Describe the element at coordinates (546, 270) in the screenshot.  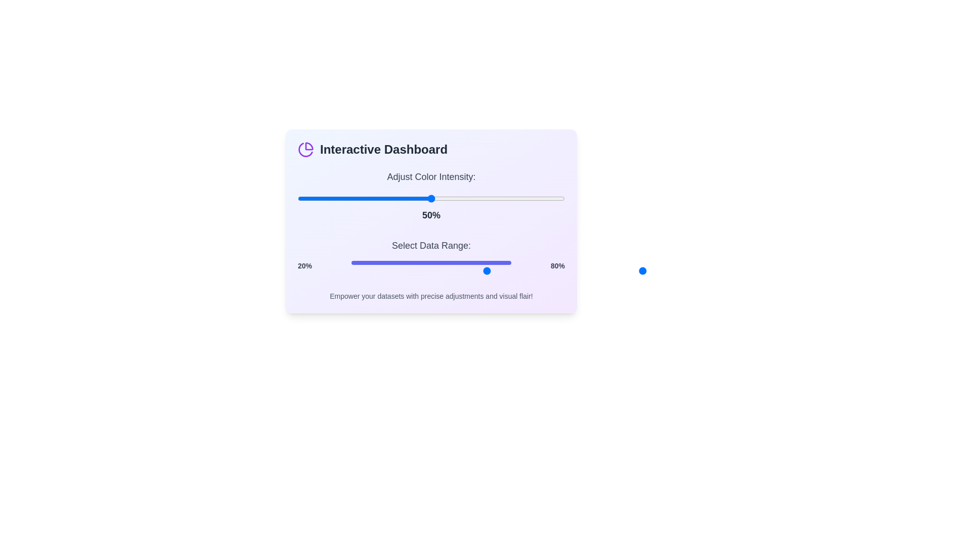
I see `the slider` at that location.